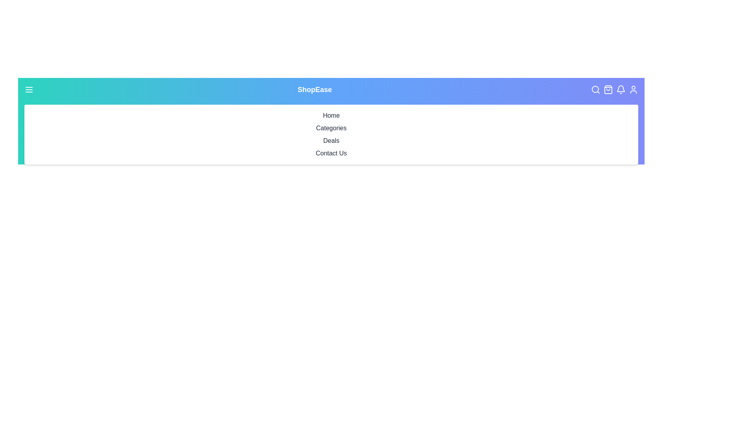 The width and height of the screenshot is (756, 425). Describe the element at coordinates (621, 89) in the screenshot. I see `the 'Bell' icon in the navigation bar` at that location.